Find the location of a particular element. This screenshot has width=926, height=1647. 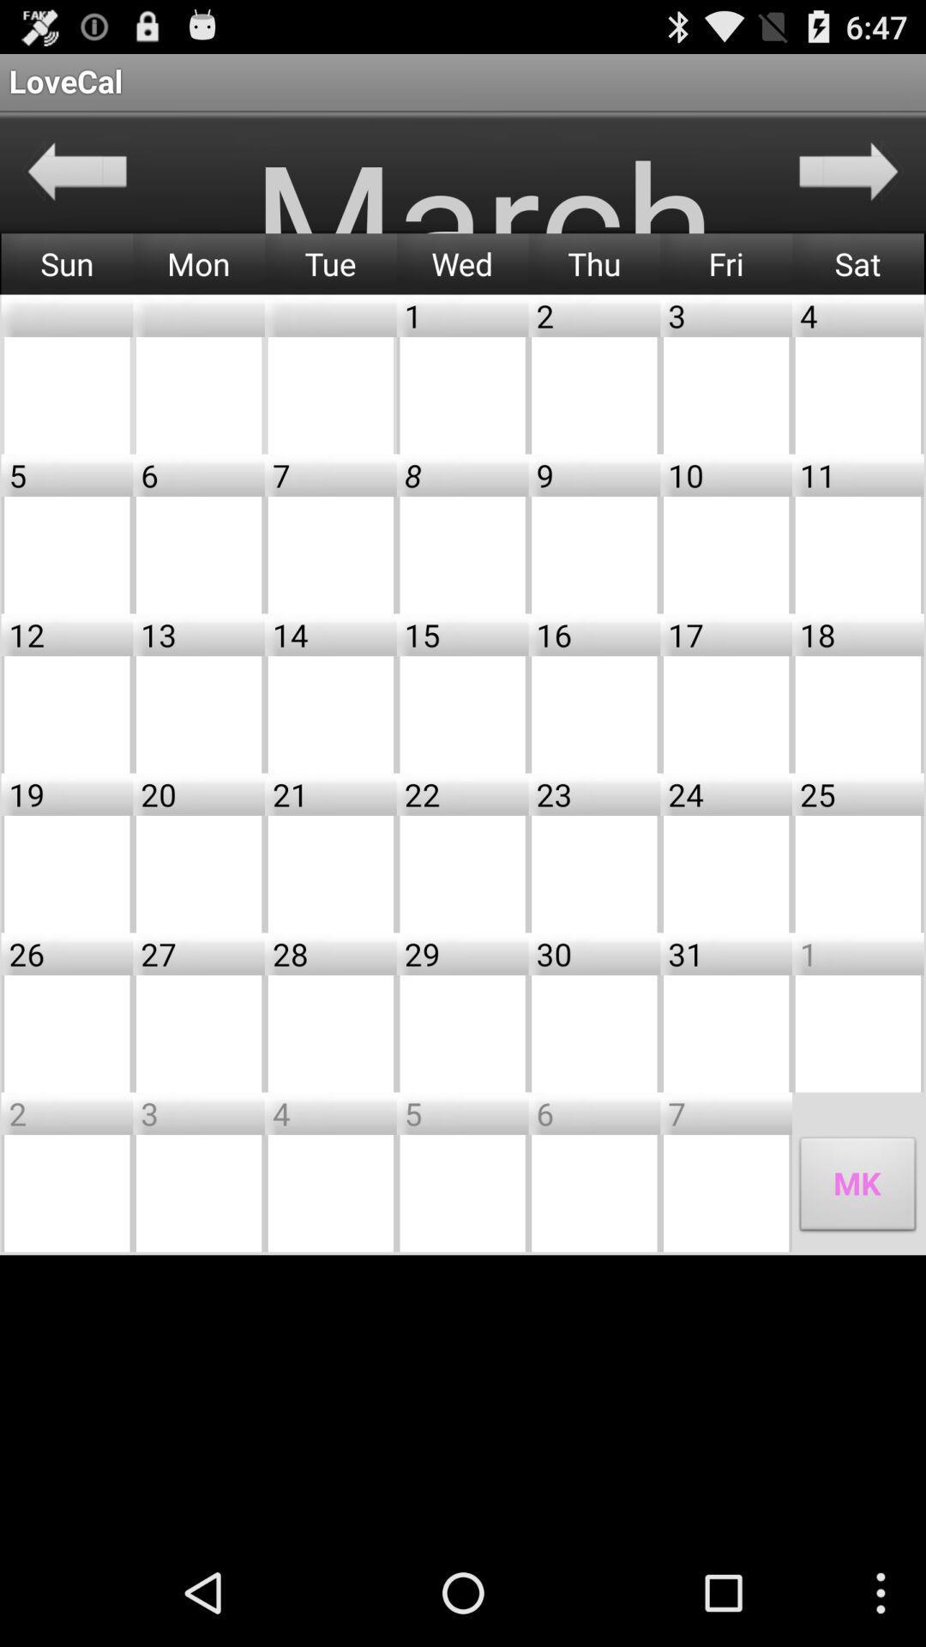

the minus icon is located at coordinates (330, 1276).